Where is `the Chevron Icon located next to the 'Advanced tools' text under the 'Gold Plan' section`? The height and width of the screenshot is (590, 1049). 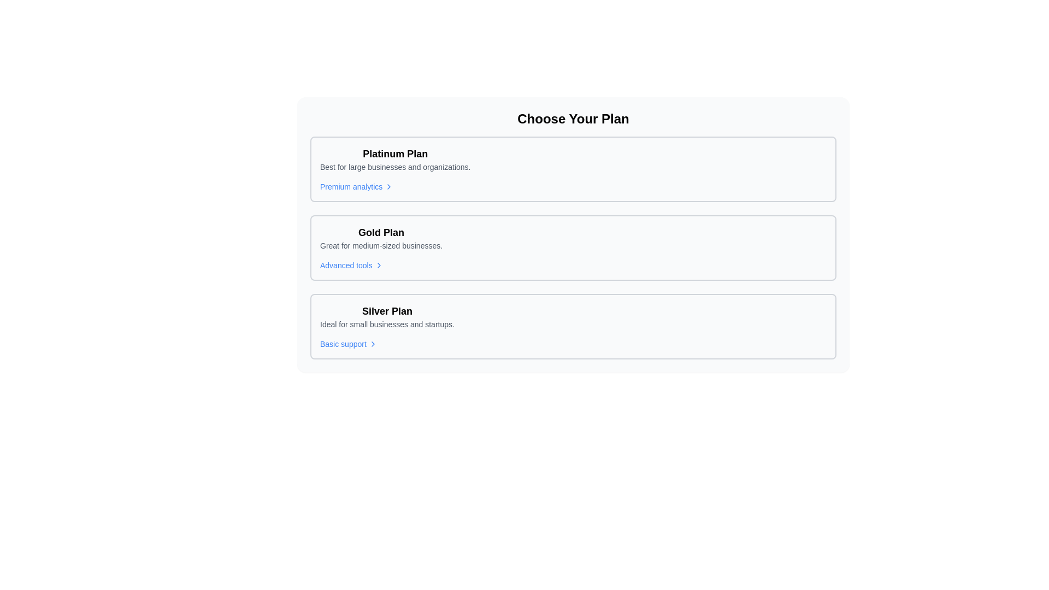
the Chevron Icon located next to the 'Advanced tools' text under the 'Gold Plan' section is located at coordinates (379, 265).